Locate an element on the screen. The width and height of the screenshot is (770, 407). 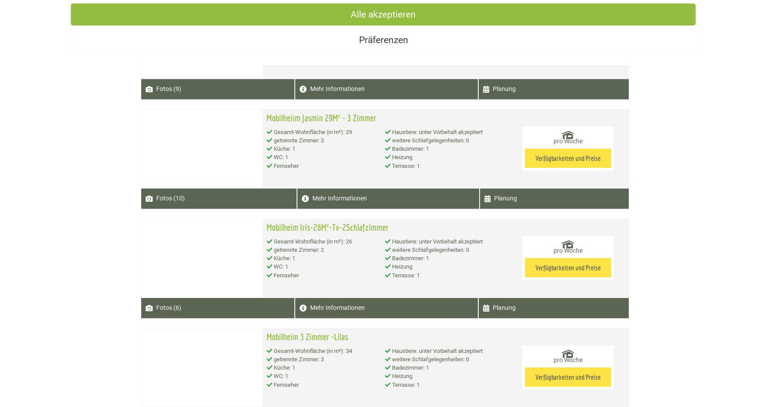
'Präferenzen' is located at coordinates (385, 39).